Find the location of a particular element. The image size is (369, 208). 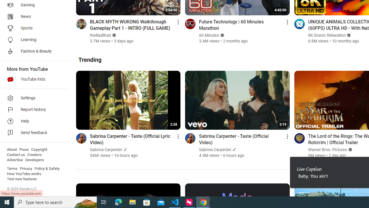

'Press' is located at coordinates (24, 149).